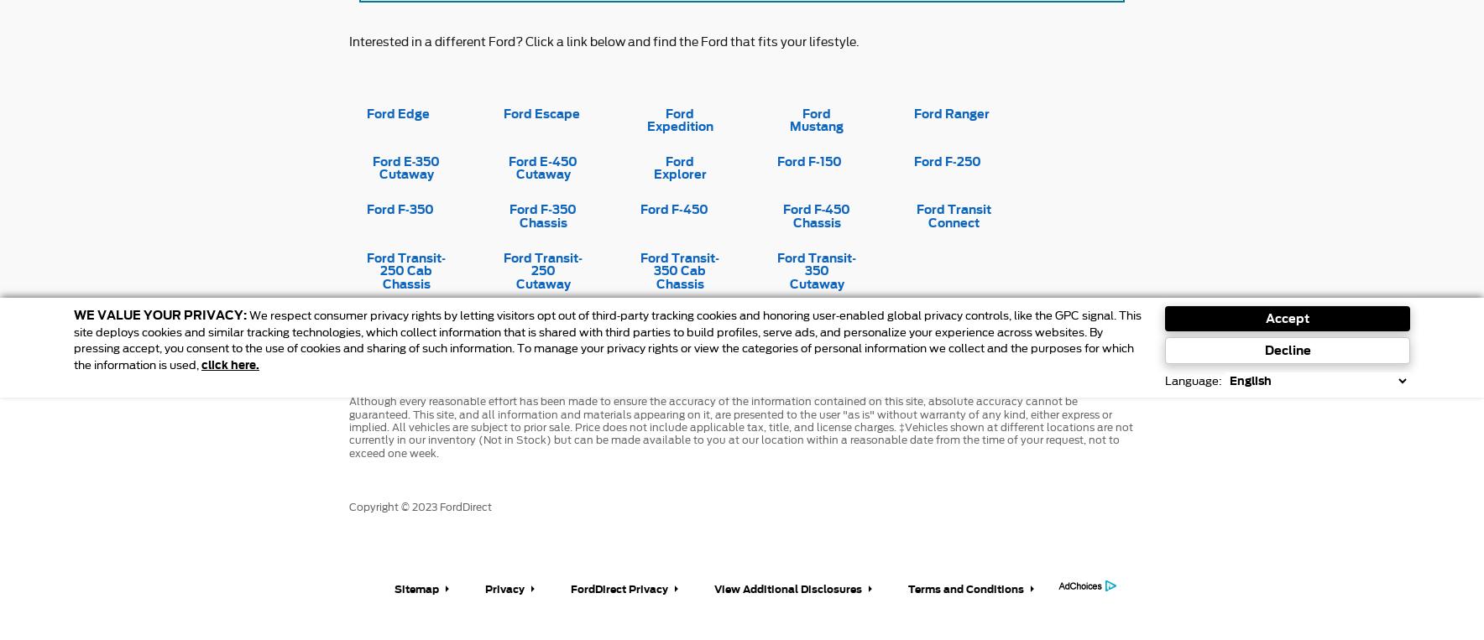 This screenshot has width=1484, height=640. I want to click on 'Ford Mustang', so click(815, 118).